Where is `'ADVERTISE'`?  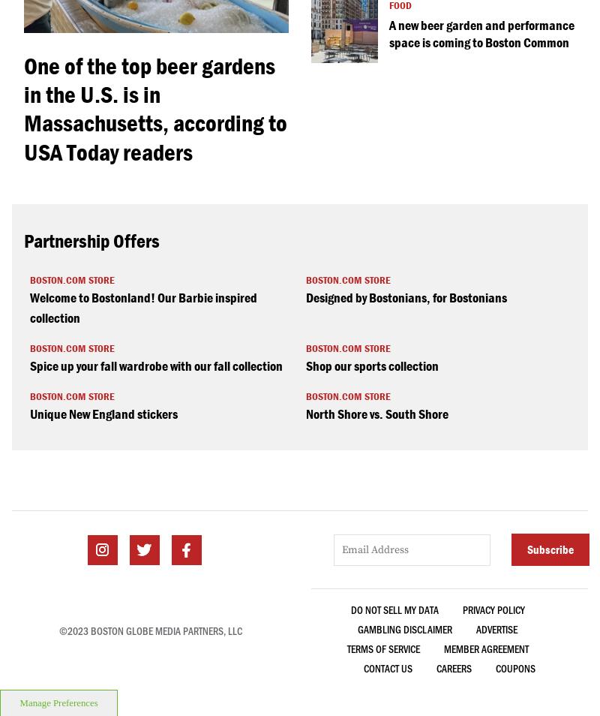
'ADVERTISE' is located at coordinates (475, 628).